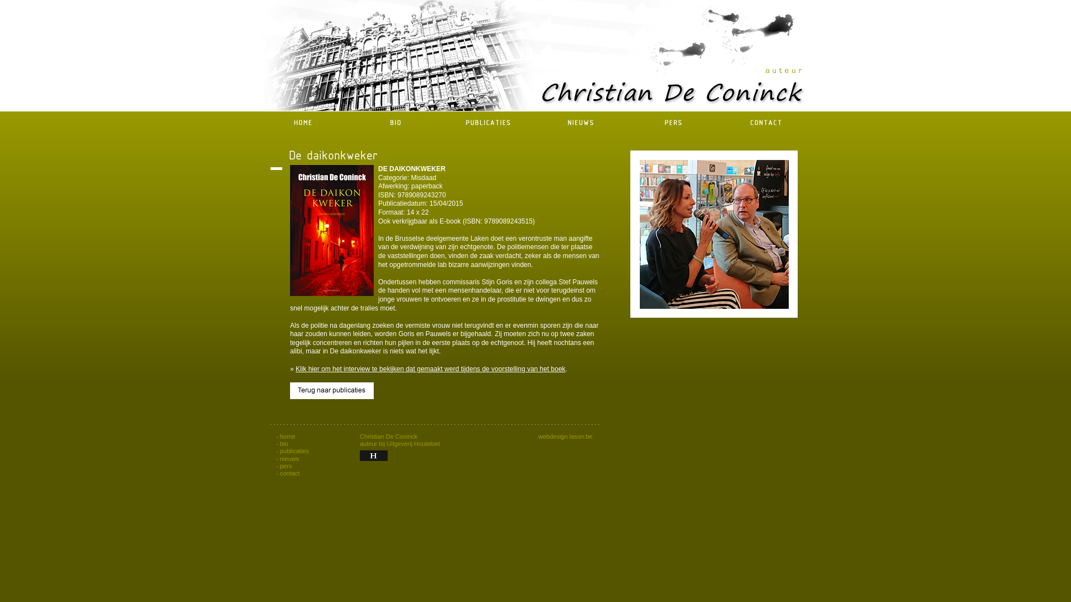 The height and width of the screenshot is (602, 1071). I want to click on 'Christian De Coninck bij Uitgeverij Houtekiet', so click(374, 455).